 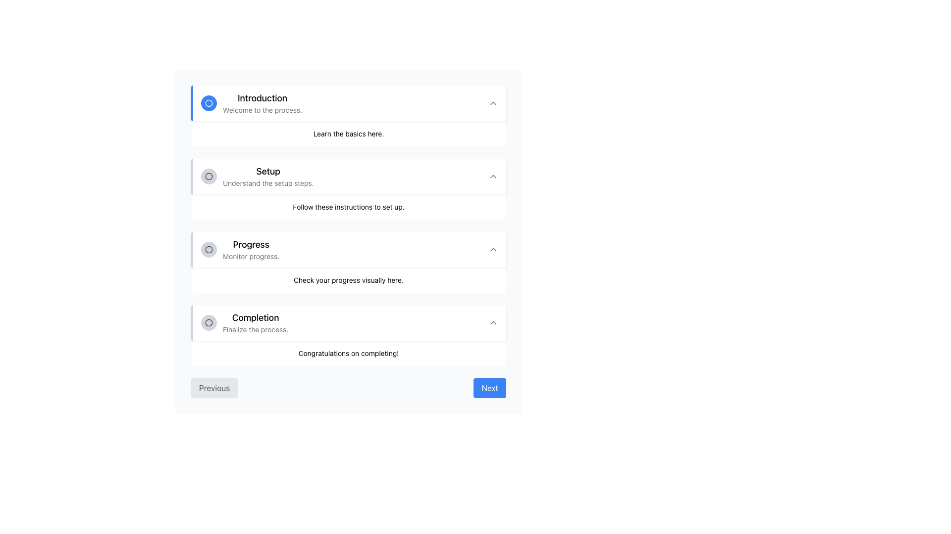 I want to click on the Circle graphic (SVG) adjacent to the 'Progress' label for interactions related to progress, so click(x=209, y=249).